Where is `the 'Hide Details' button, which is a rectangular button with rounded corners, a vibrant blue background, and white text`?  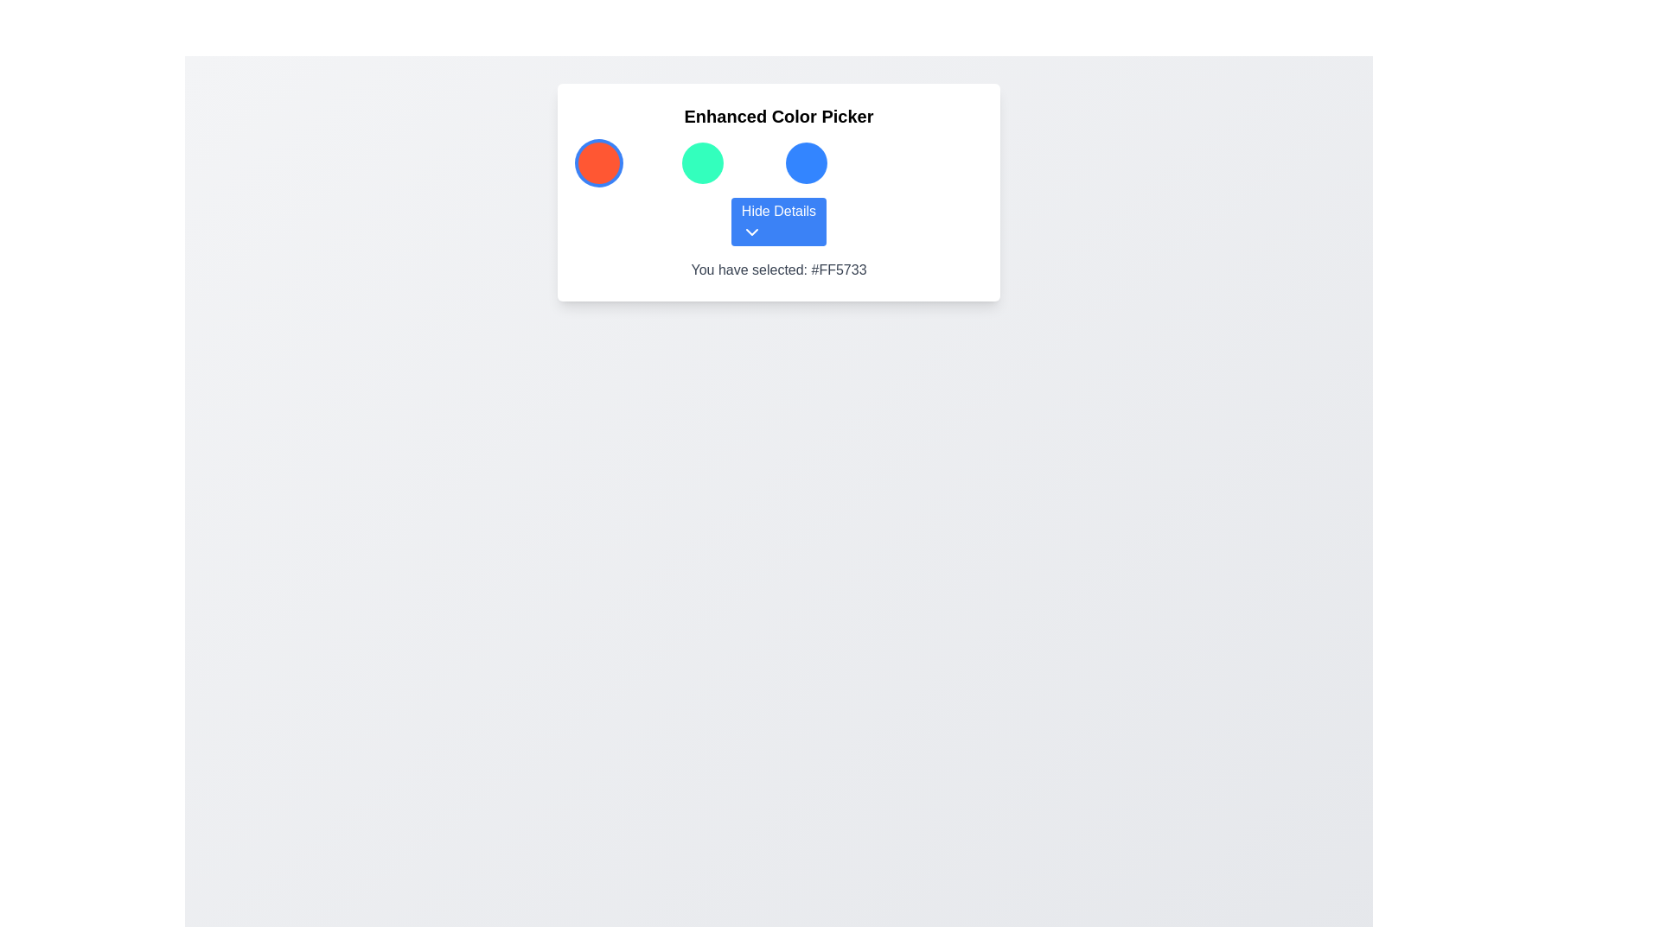 the 'Hide Details' button, which is a rectangular button with rounded corners, a vibrant blue background, and white text is located at coordinates (778, 221).